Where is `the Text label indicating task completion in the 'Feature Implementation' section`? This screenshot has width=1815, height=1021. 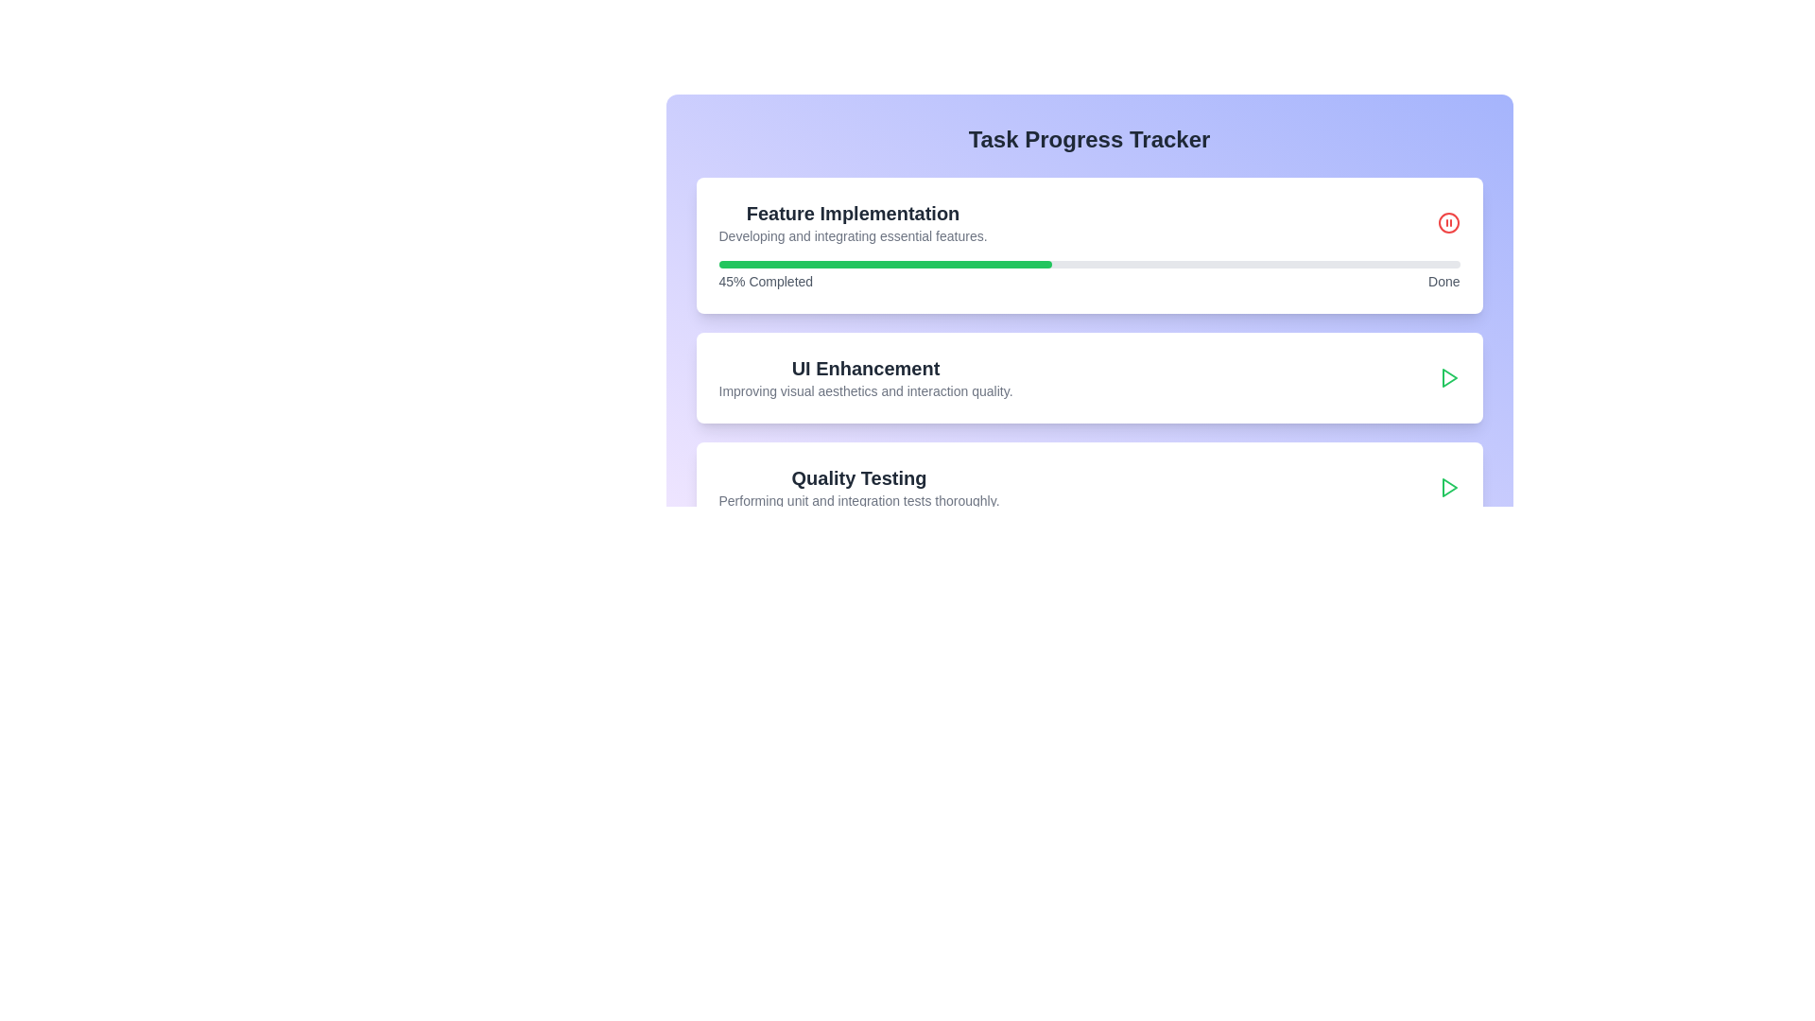
the Text label indicating task completion in the 'Feature Implementation' section is located at coordinates (1443, 281).